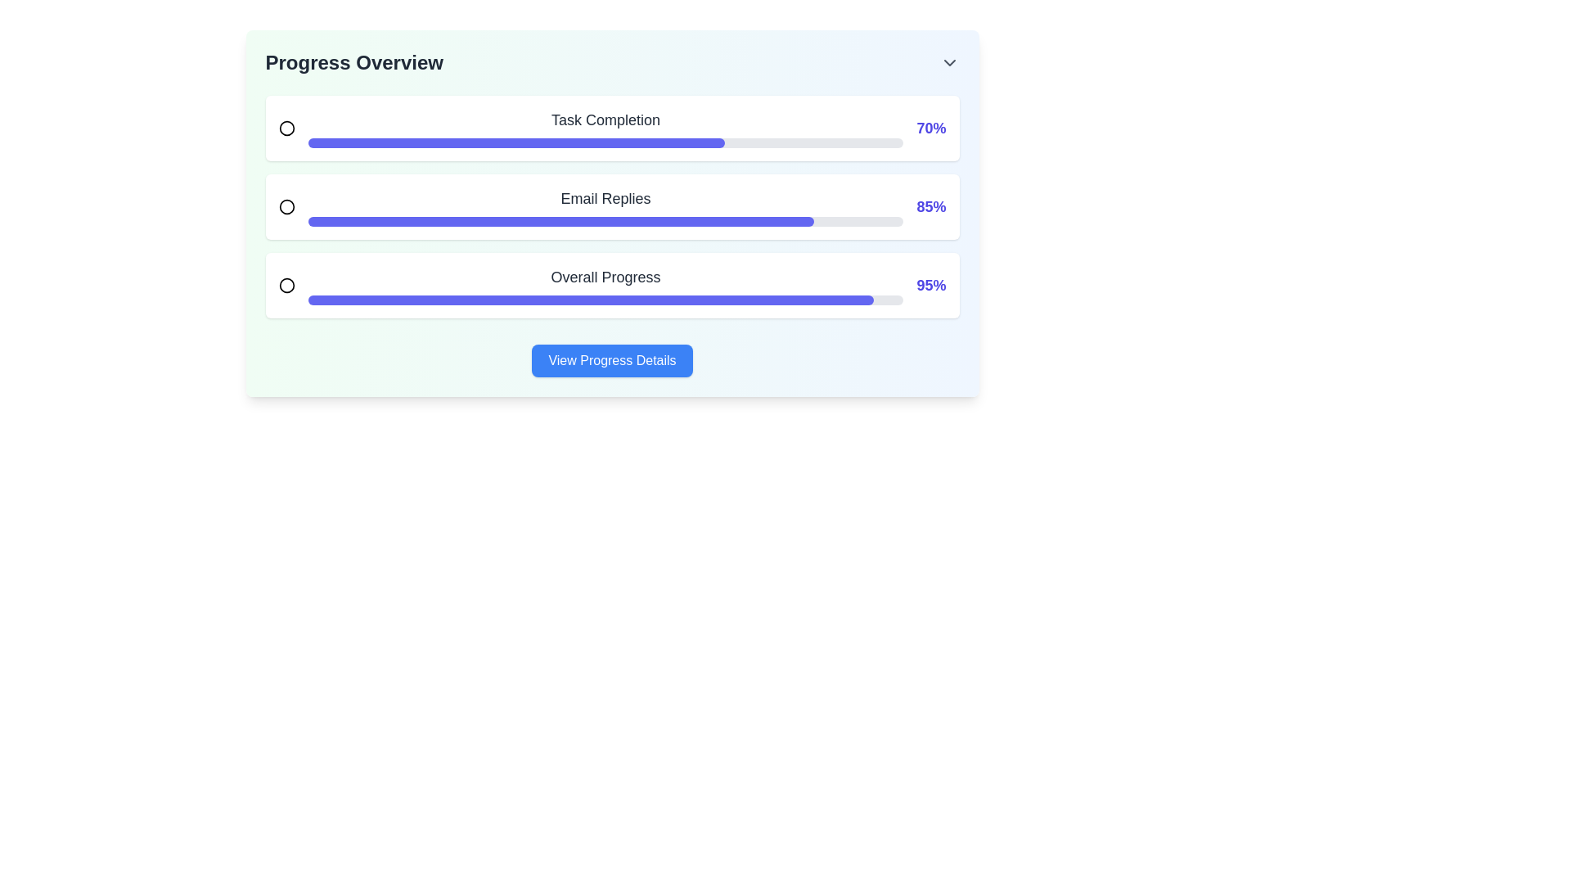 Image resolution: width=1571 pixels, height=884 pixels. What do you see at coordinates (611, 206) in the screenshot?
I see `the progress percentage of the second progress bar labeled 'Email Replies', which is currently marked at 85%` at bounding box center [611, 206].